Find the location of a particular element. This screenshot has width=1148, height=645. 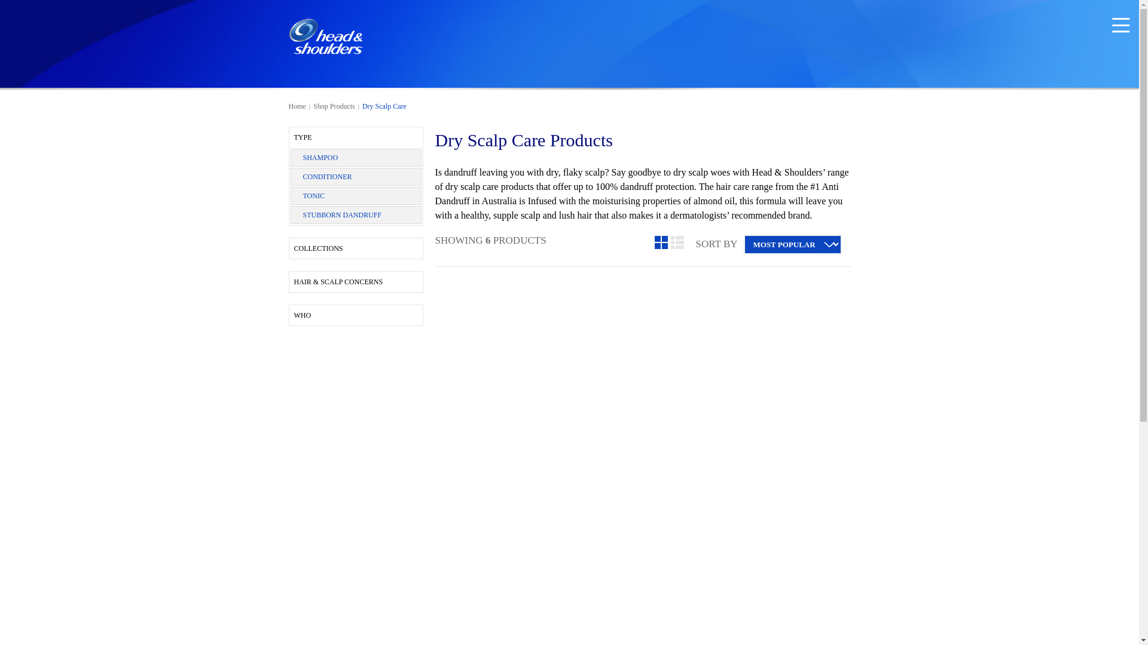

'SHAMPOO' is located at coordinates (320, 156).